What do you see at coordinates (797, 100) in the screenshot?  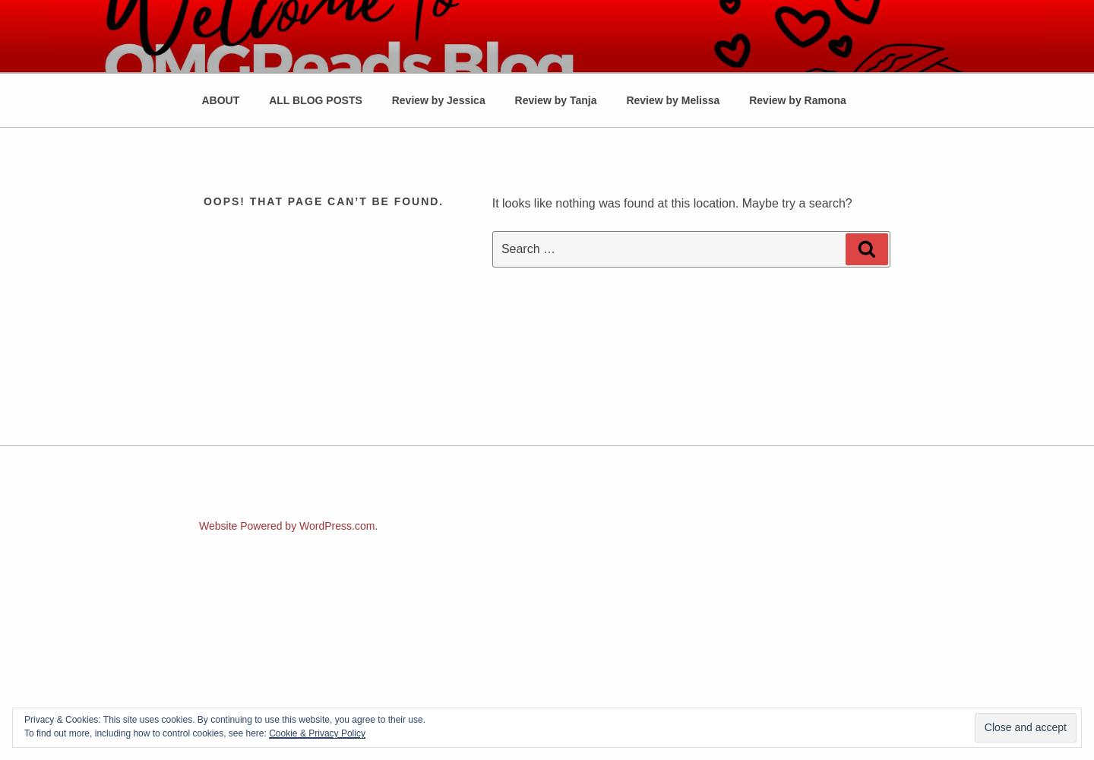 I see `'Review by Ramona'` at bounding box center [797, 100].